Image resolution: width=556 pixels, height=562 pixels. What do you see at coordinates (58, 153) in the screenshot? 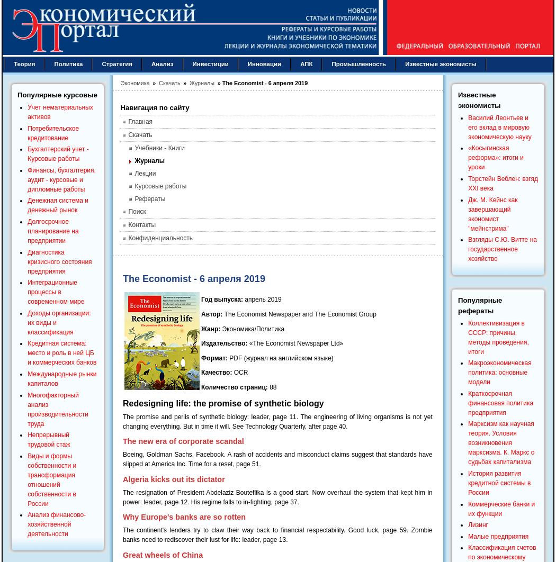
I see `'Бухгалтерский учет - Курсовые работы'` at bounding box center [58, 153].